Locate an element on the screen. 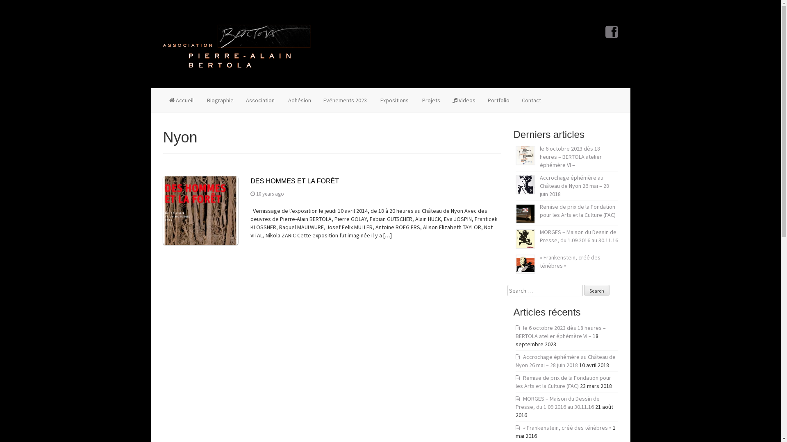 This screenshot has height=442, width=787. '10 years ago' is located at coordinates (270, 194).